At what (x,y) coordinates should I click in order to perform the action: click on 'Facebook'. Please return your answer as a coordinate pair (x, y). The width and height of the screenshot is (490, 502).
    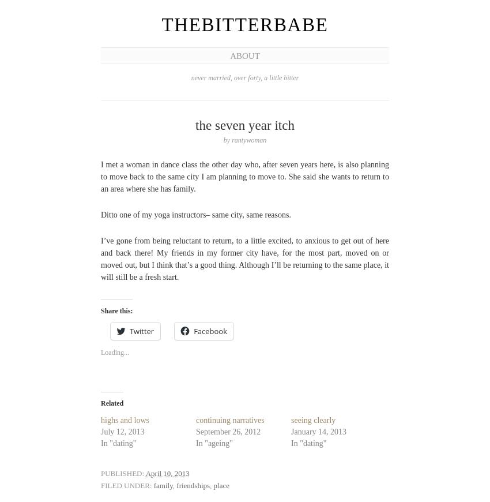
    Looking at the image, I should click on (209, 329).